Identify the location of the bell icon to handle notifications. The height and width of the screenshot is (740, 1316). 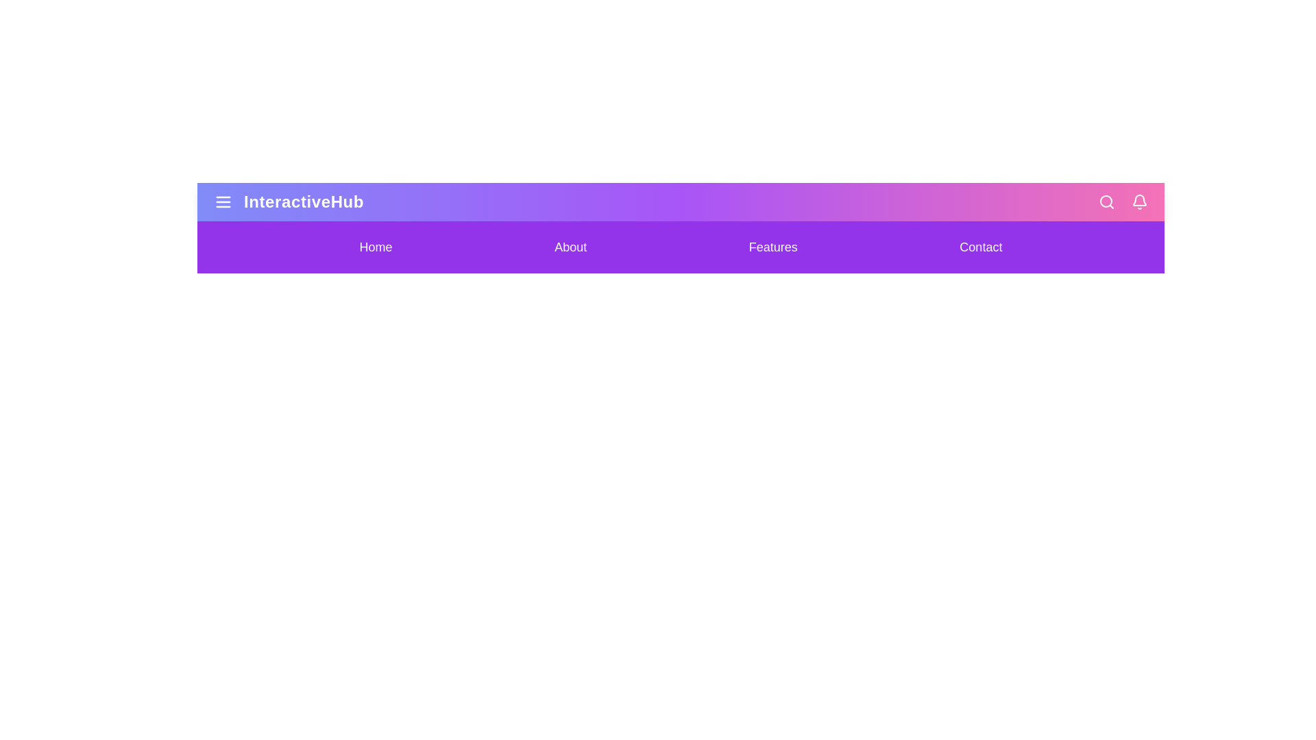
(1139, 201).